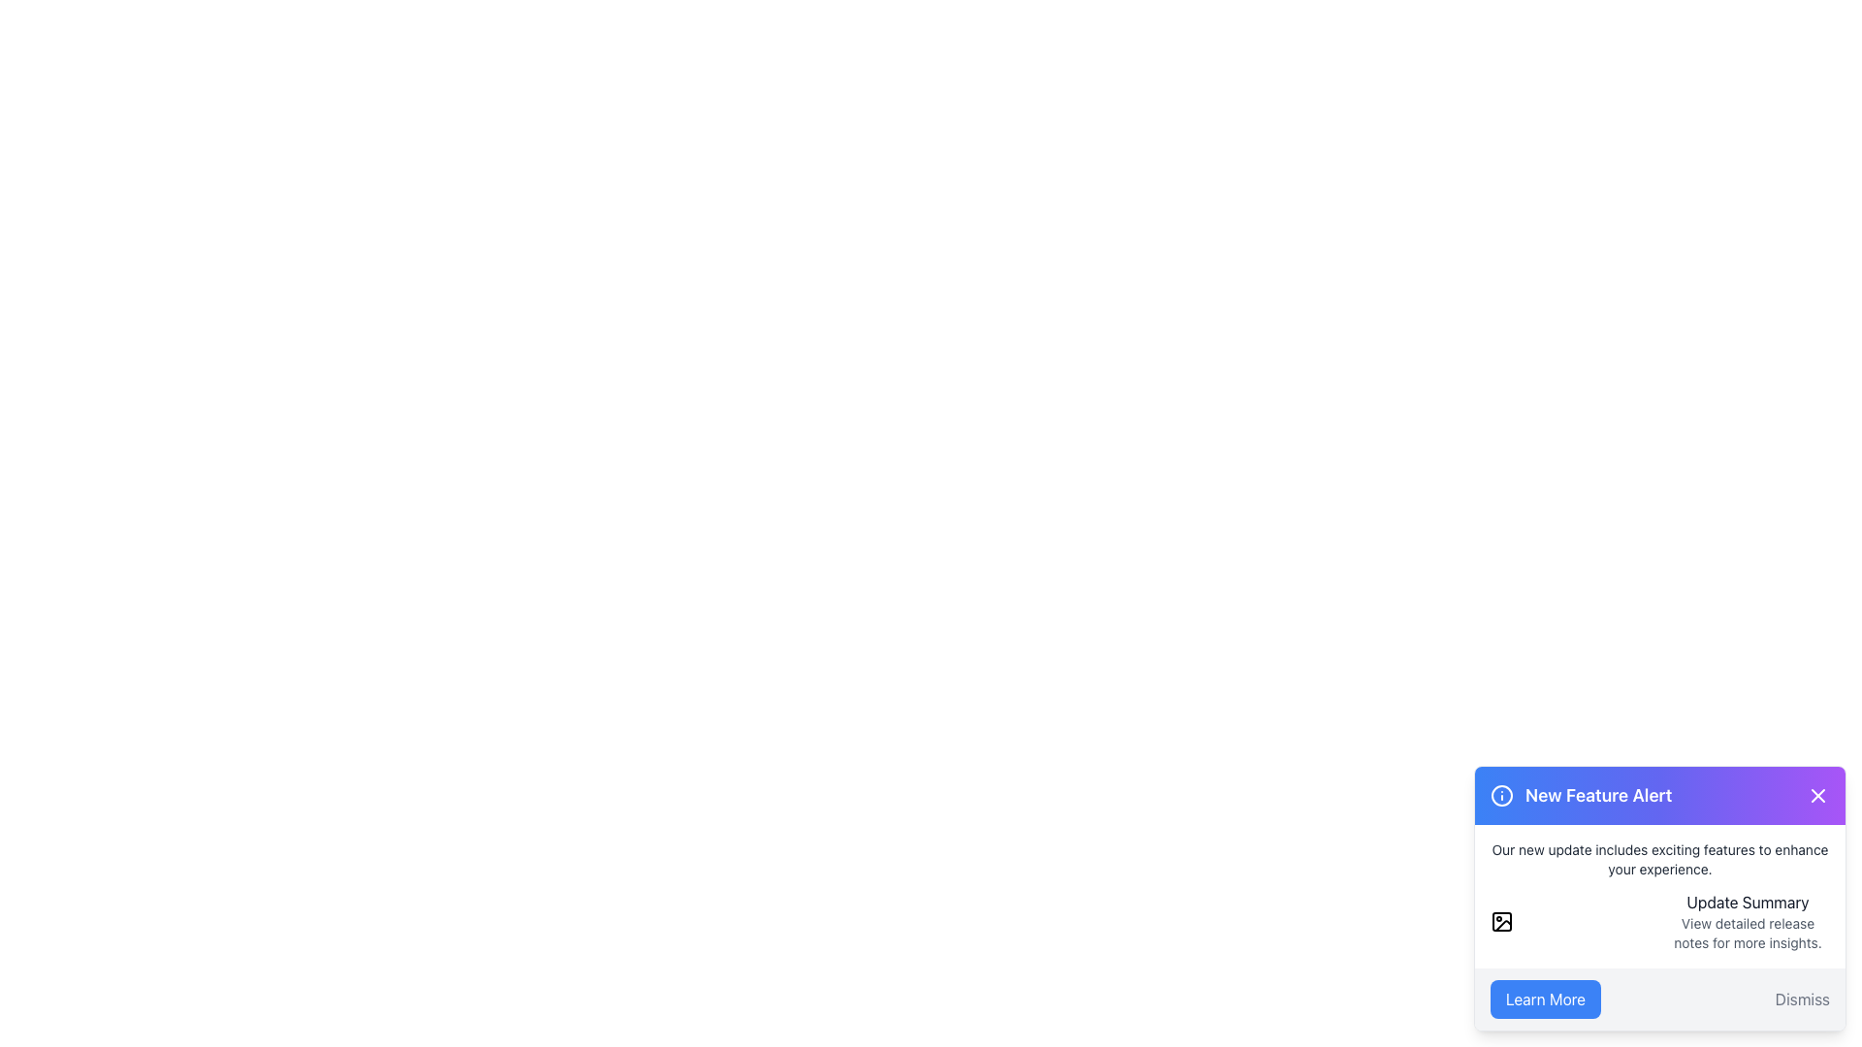 This screenshot has width=1862, height=1047. I want to click on the text 'View detailed release notes for more insights.' located in the bottom-right section of the 'New Feature Alert' notification box, so click(1748, 933).